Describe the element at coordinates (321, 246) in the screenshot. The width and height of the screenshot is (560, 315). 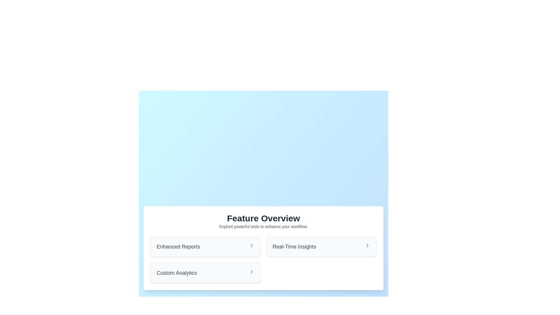
I see `the navigation button for 'Real-Time Insights' located in the second column of the first row in a two-column grid layout` at that location.